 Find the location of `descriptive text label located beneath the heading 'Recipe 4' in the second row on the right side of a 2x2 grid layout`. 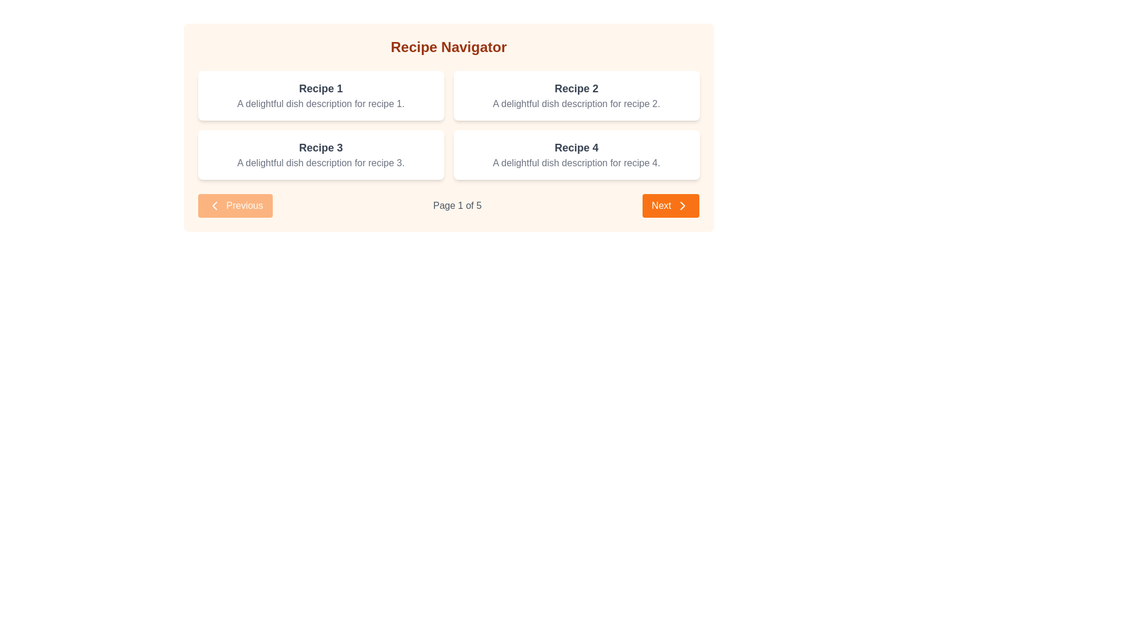

descriptive text label located beneath the heading 'Recipe 4' in the second row on the right side of a 2x2 grid layout is located at coordinates (576, 163).